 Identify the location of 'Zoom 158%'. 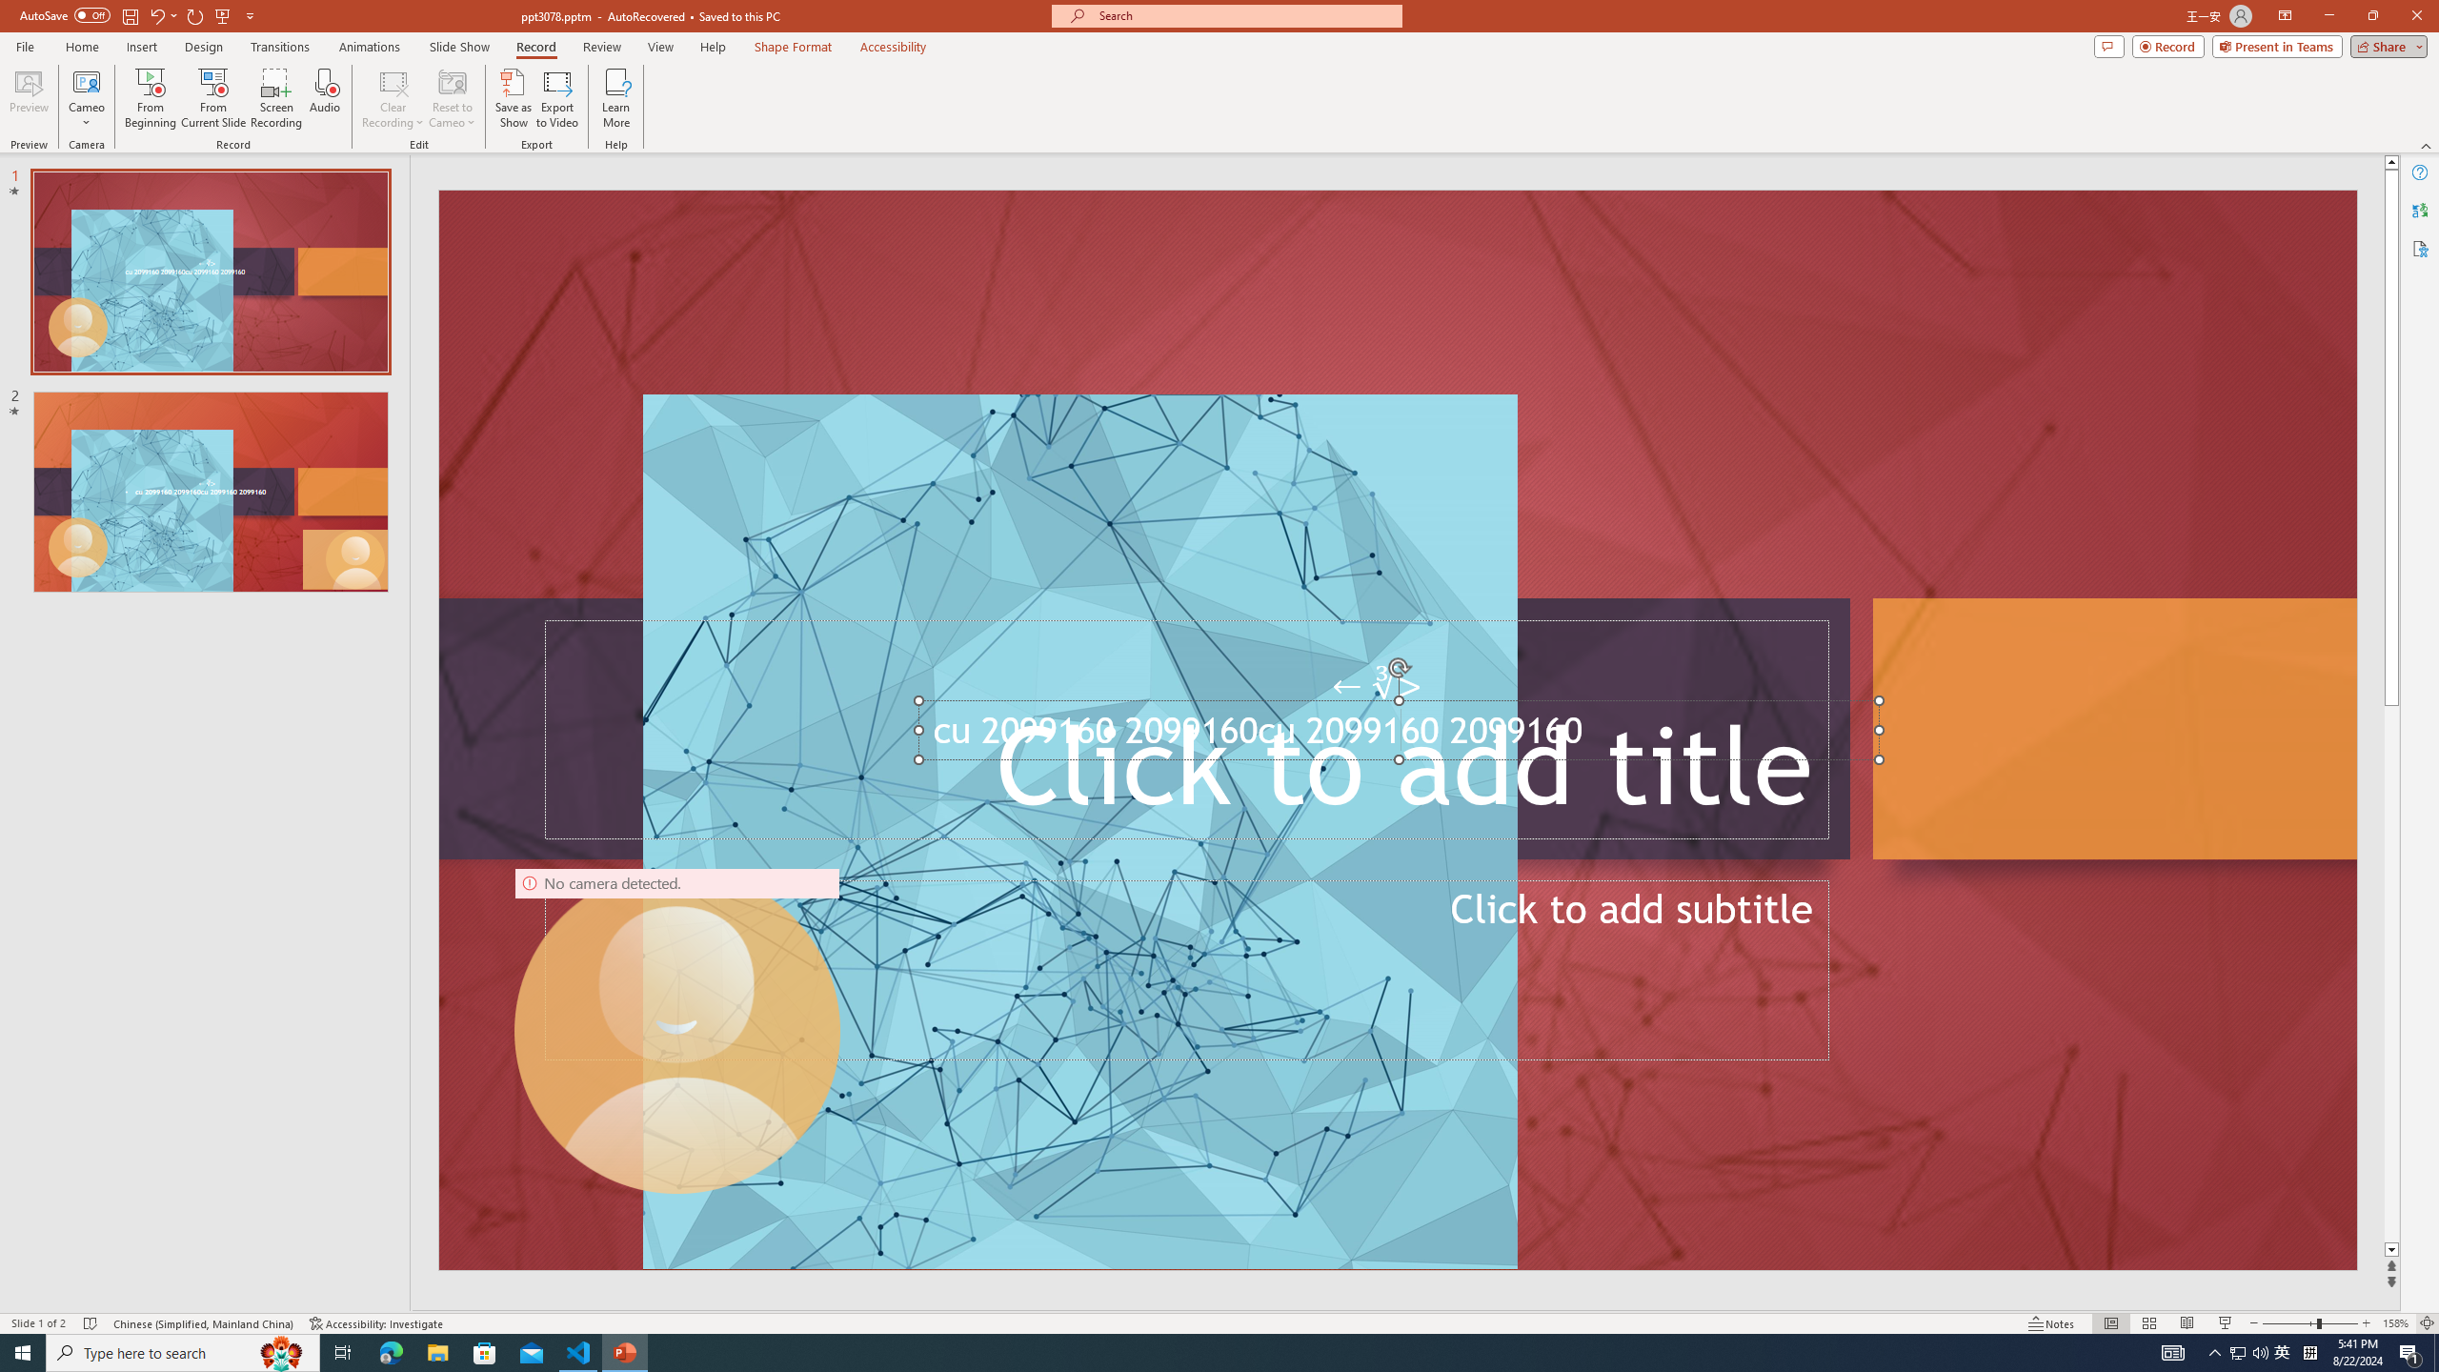
(2396, 1323).